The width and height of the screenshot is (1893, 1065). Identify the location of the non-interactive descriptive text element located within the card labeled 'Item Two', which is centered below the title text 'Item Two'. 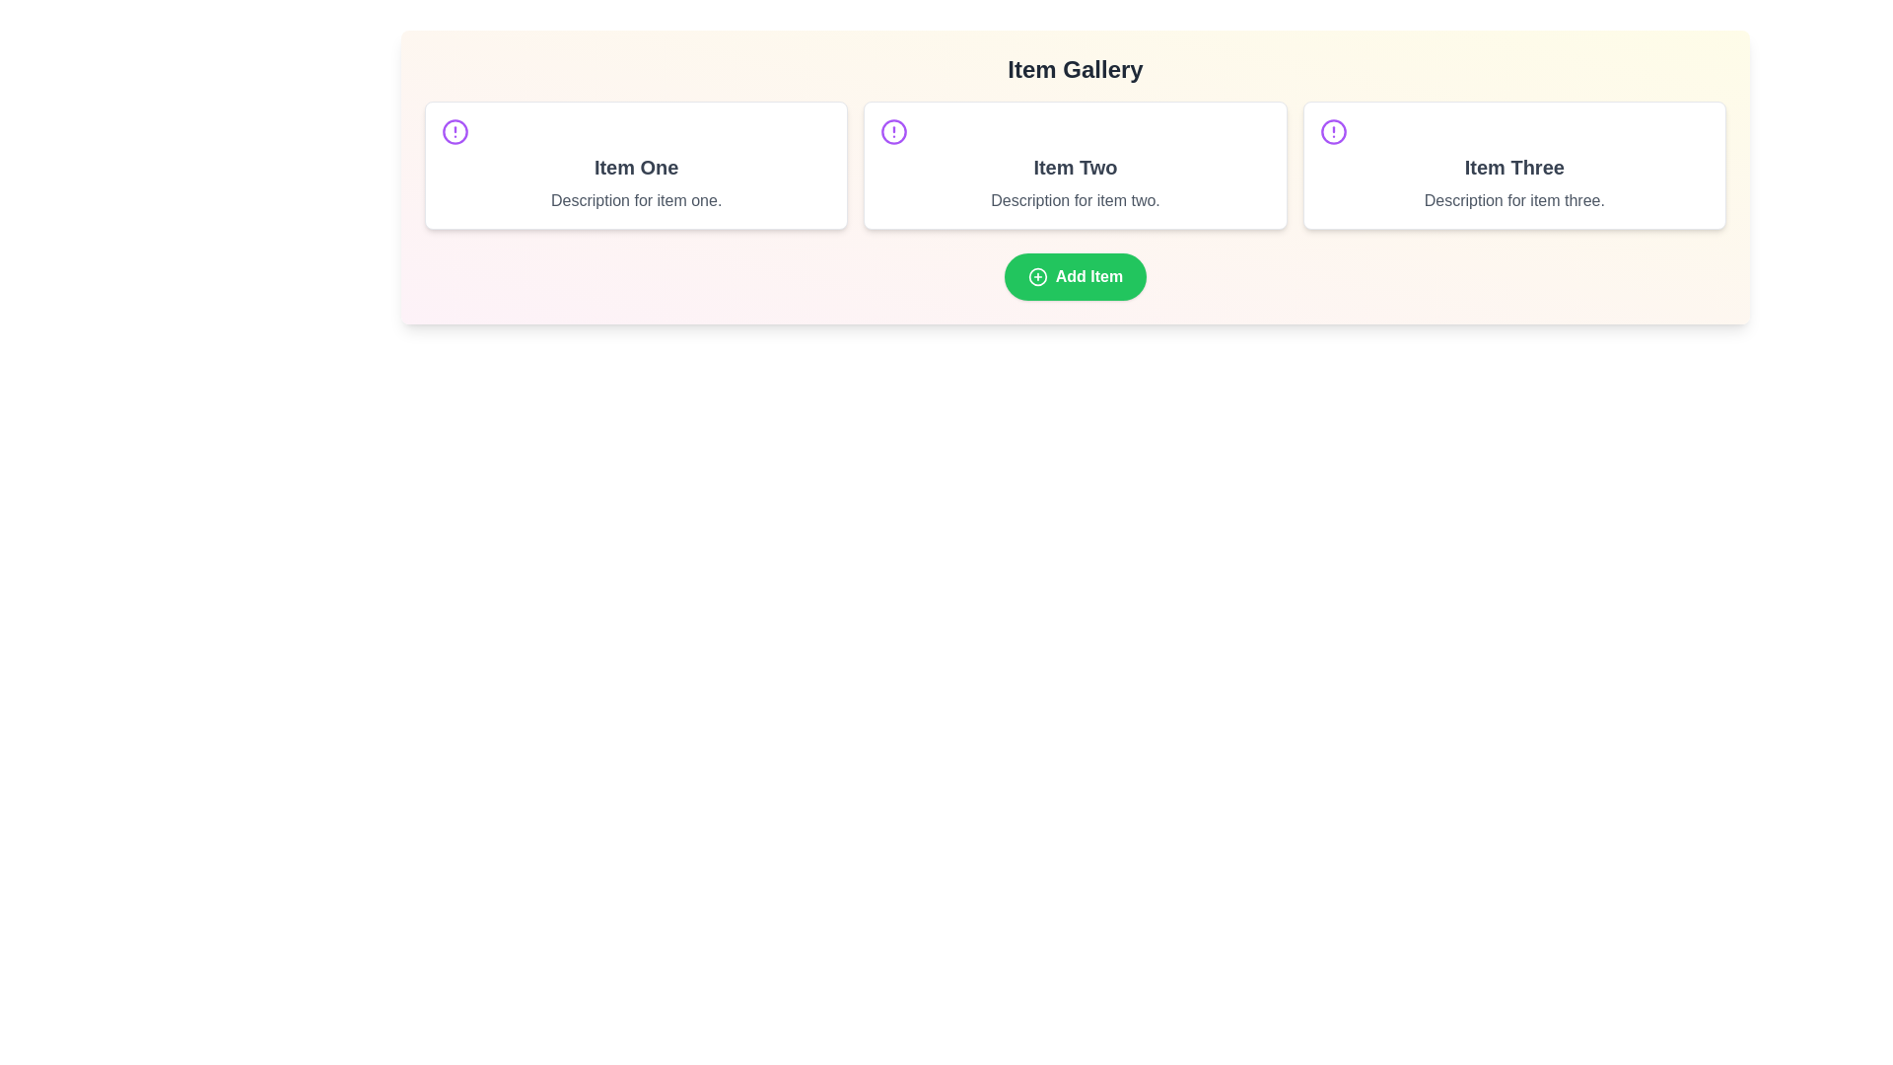
(1074, 201).